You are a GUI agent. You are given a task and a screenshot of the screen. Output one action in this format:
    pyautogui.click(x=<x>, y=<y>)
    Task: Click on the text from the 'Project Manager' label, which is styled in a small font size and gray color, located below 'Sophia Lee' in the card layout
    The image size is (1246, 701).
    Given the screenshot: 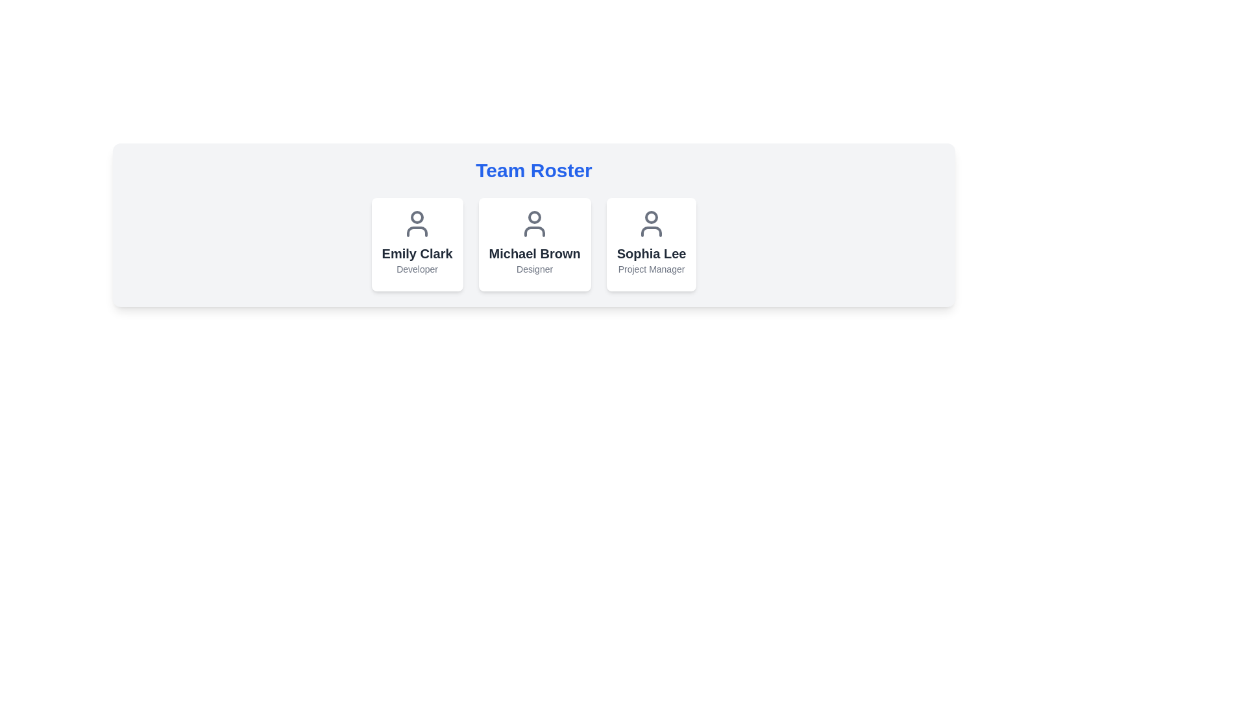 What is the action you would take?
    pyautogui.click(x=651, y=269)
    